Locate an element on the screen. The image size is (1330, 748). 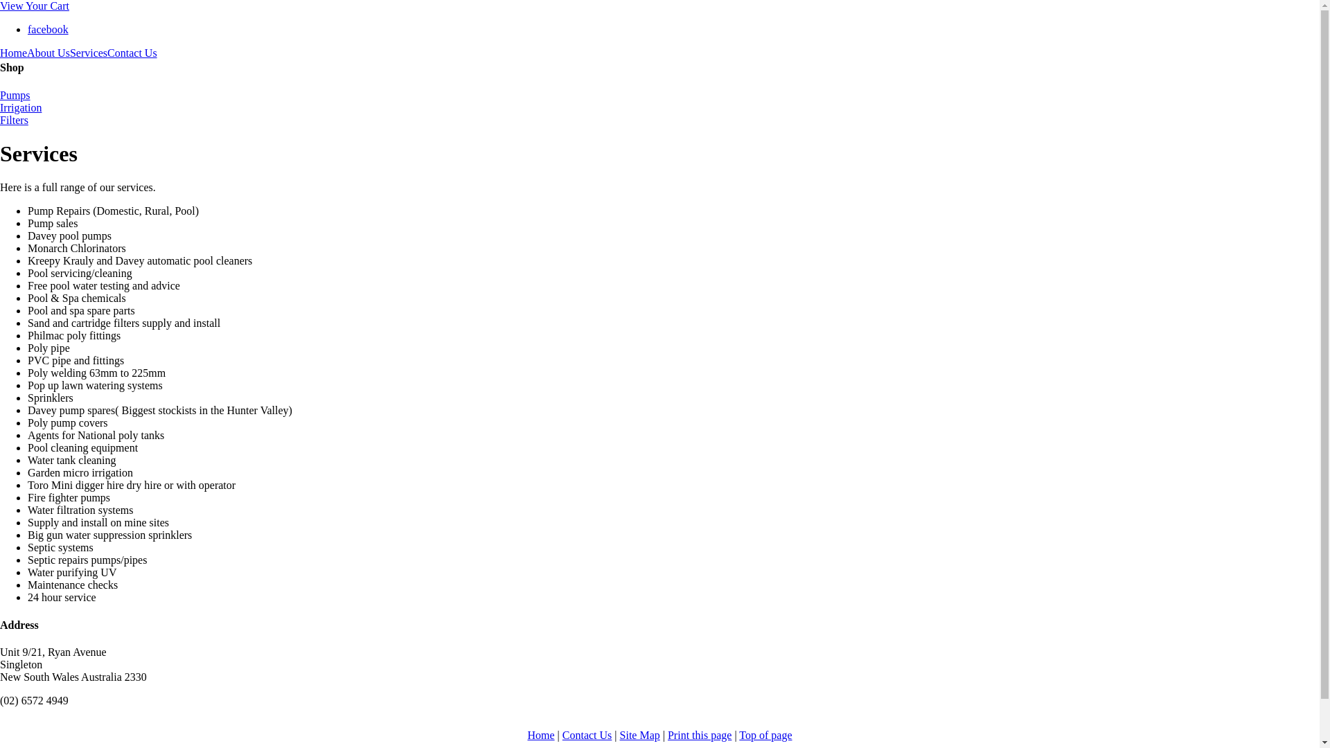
'Filters' is located at coordinates (659, 119).